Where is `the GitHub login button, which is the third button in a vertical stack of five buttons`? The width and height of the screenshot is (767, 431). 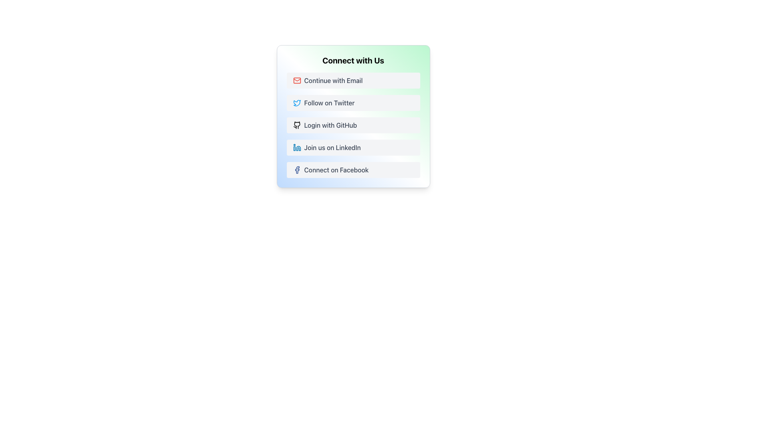
the GitHub login button, which is the third button in a vertical stack of five buttons is located at coordinates (353, 117).